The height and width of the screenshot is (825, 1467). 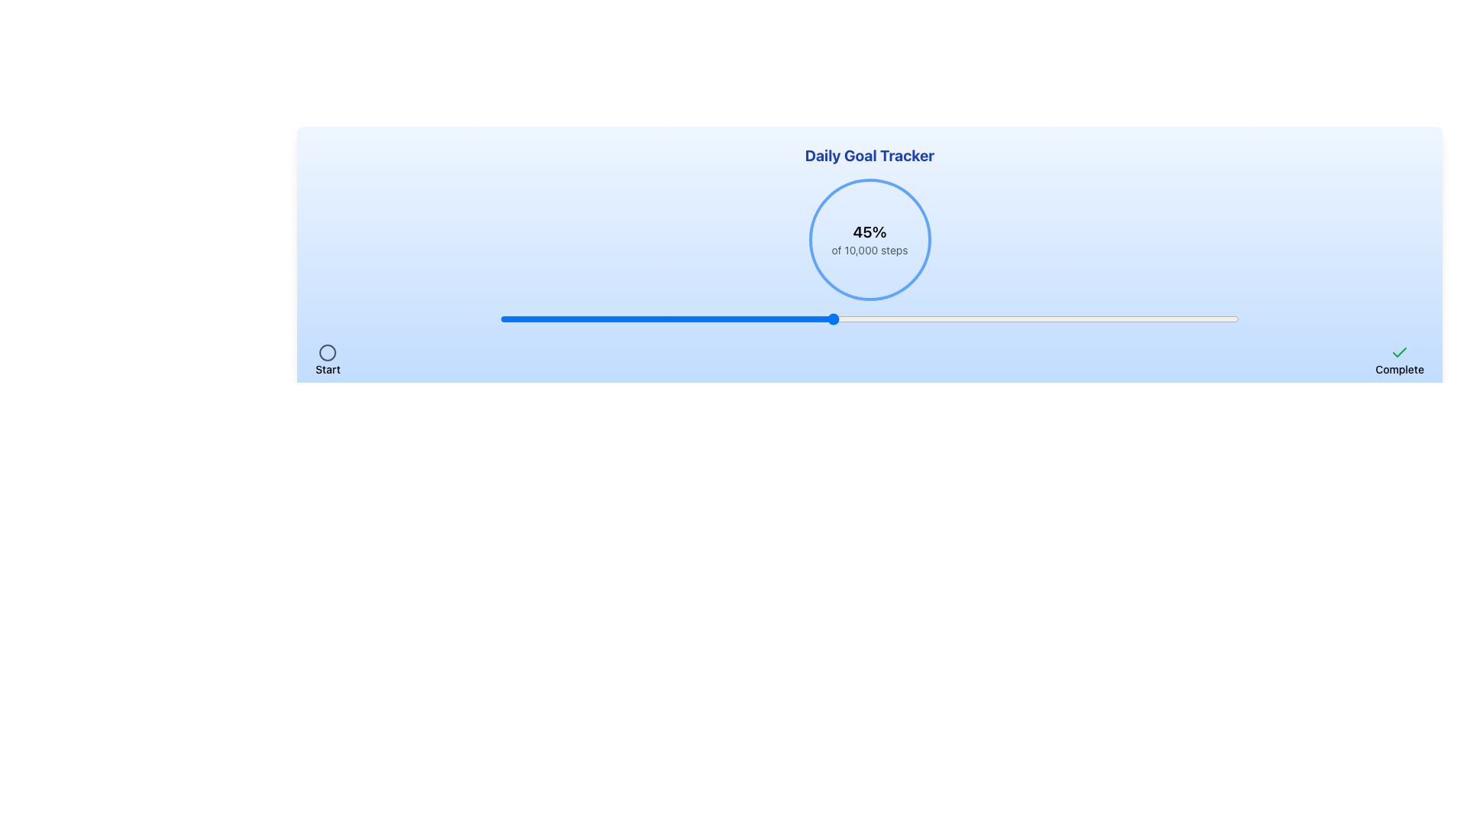 I want to click on the Text display that provides feedback about progress, located at the center of the blue bordered circle under the 'Daily Goal Tracker' heading, so click(x=870, y=239).